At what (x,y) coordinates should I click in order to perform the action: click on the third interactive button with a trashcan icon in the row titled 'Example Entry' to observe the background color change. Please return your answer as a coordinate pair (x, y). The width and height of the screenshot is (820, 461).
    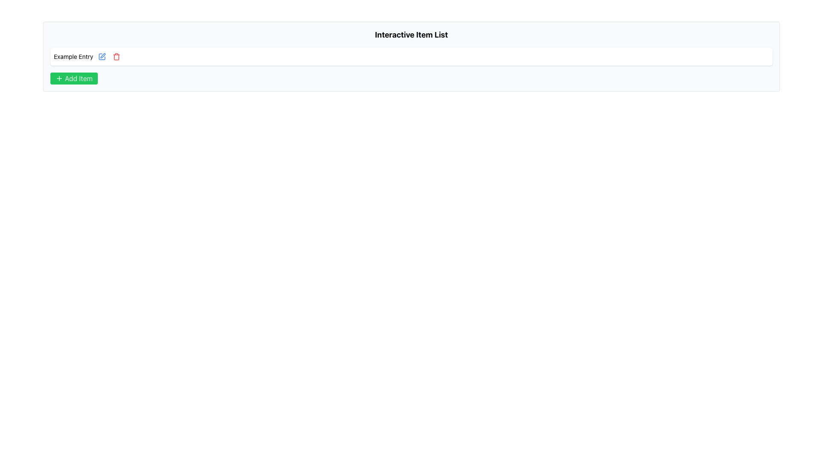
    Looking at the image, I should click on (116, 56).